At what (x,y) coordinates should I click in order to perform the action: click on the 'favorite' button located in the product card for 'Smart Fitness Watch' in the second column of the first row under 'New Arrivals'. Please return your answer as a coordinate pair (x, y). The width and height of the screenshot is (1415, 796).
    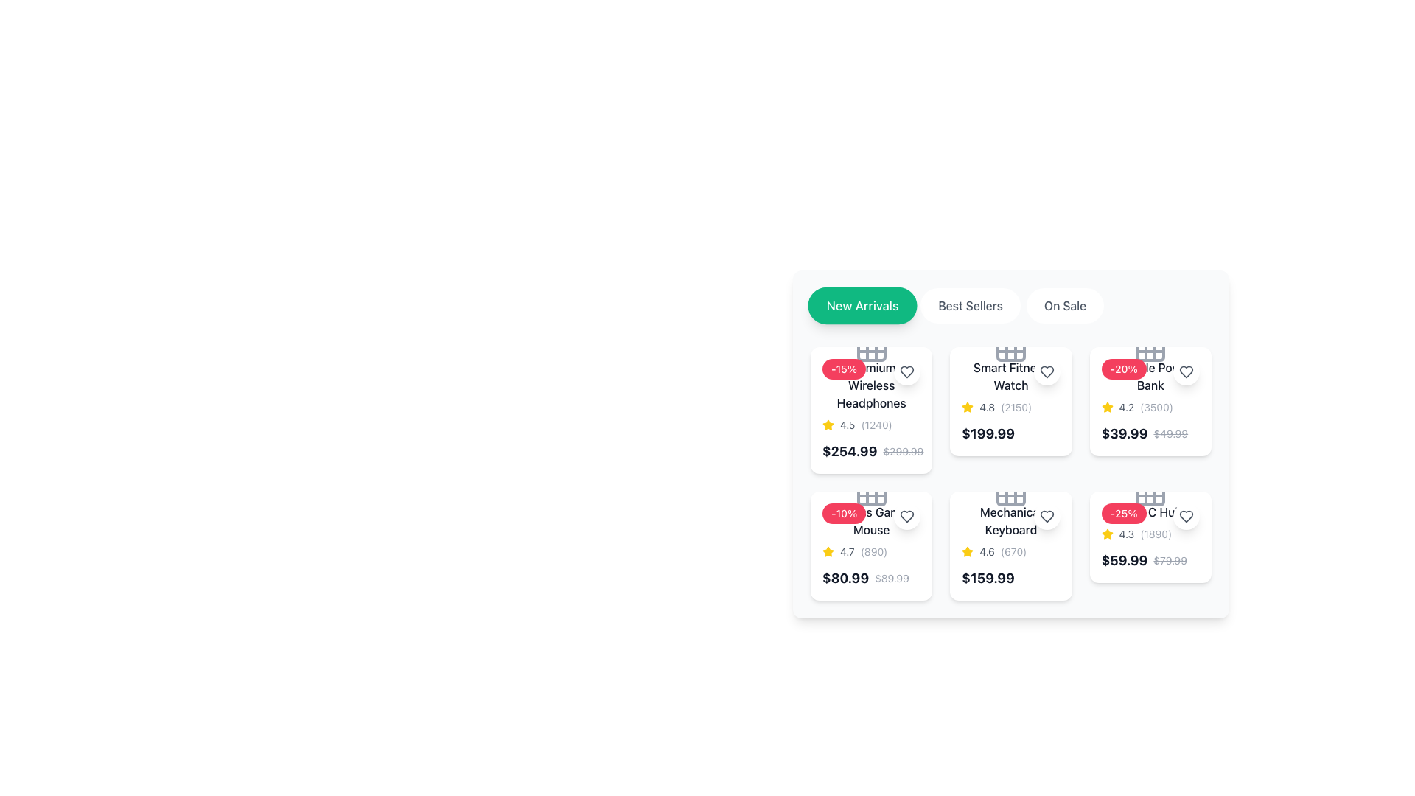
    Looking at the image, I should click on (1046, 371).